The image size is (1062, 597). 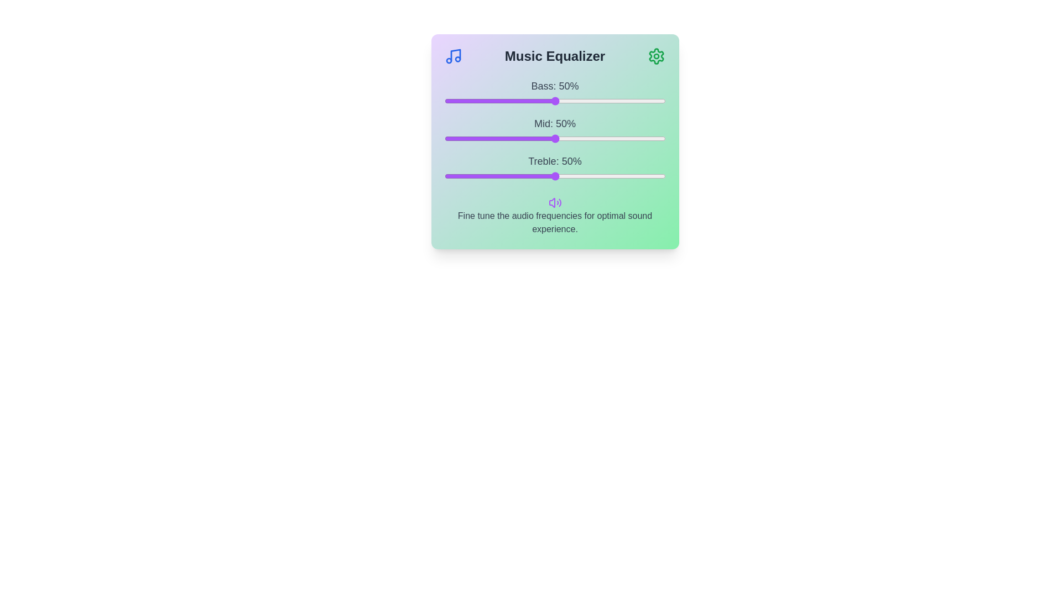 I want to click on the treble slider to 69%, so click(x=596, y=176).